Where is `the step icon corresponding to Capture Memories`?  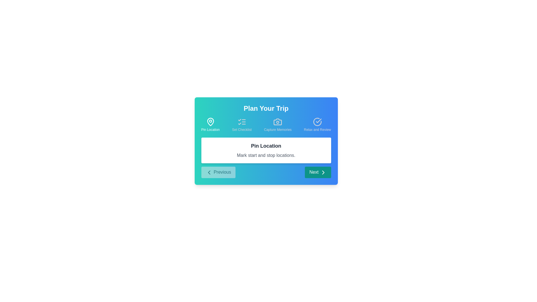 the step icon corresponding to Capture Memories is located at coordinates (278, 124).